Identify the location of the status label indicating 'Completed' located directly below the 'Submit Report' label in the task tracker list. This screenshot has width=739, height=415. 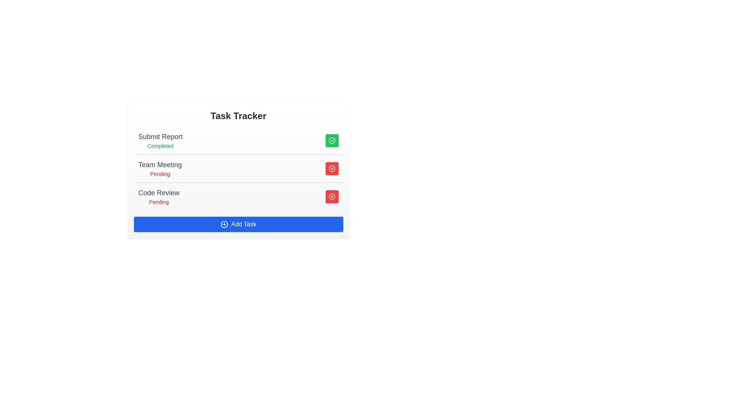
(160, 146).